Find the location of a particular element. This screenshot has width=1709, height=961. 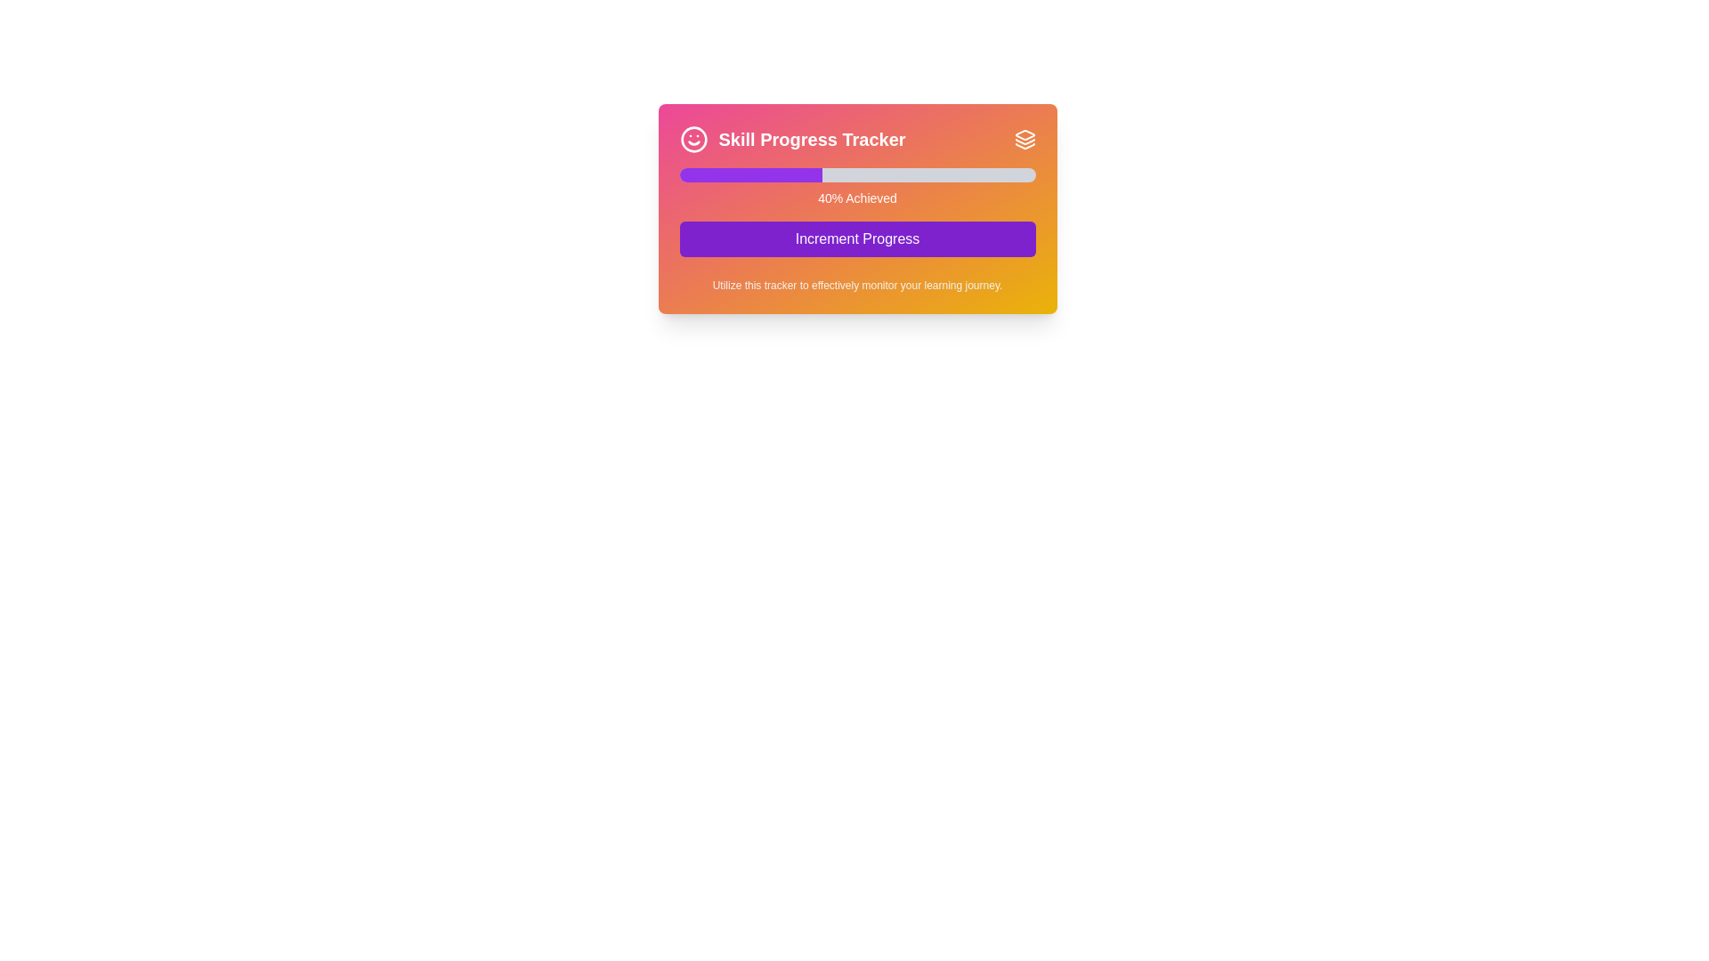

the progress visually on the left section of the horizontal progress bar beneath the 'Skill Progress Tracker' heading is located at coordinates (750, 174).